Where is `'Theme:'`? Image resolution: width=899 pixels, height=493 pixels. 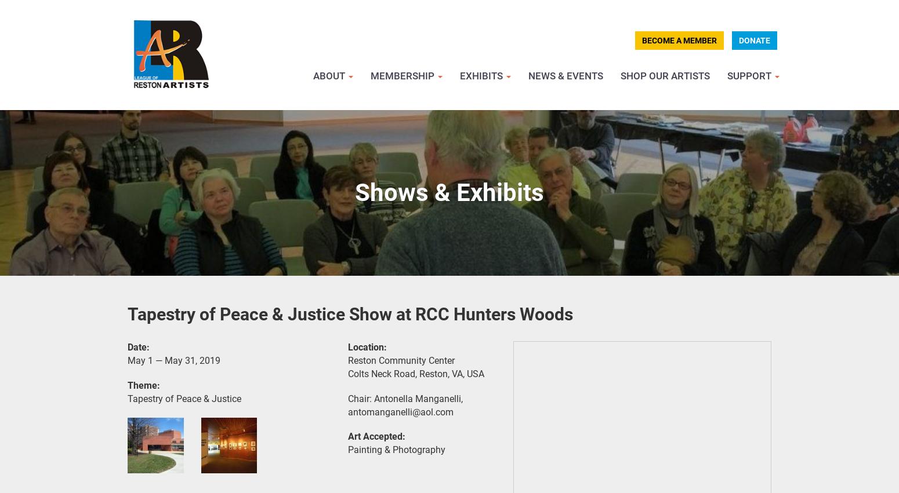 'Theme:' is located at coordinates (144, 385).